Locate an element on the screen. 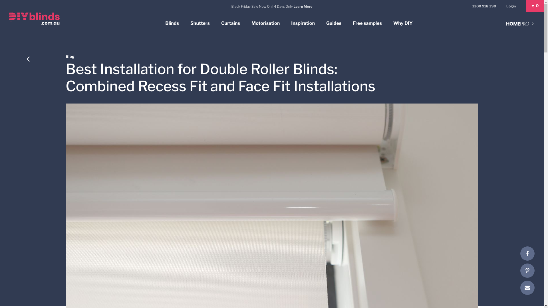  'Curtains' is located at coordinates (230, 23).